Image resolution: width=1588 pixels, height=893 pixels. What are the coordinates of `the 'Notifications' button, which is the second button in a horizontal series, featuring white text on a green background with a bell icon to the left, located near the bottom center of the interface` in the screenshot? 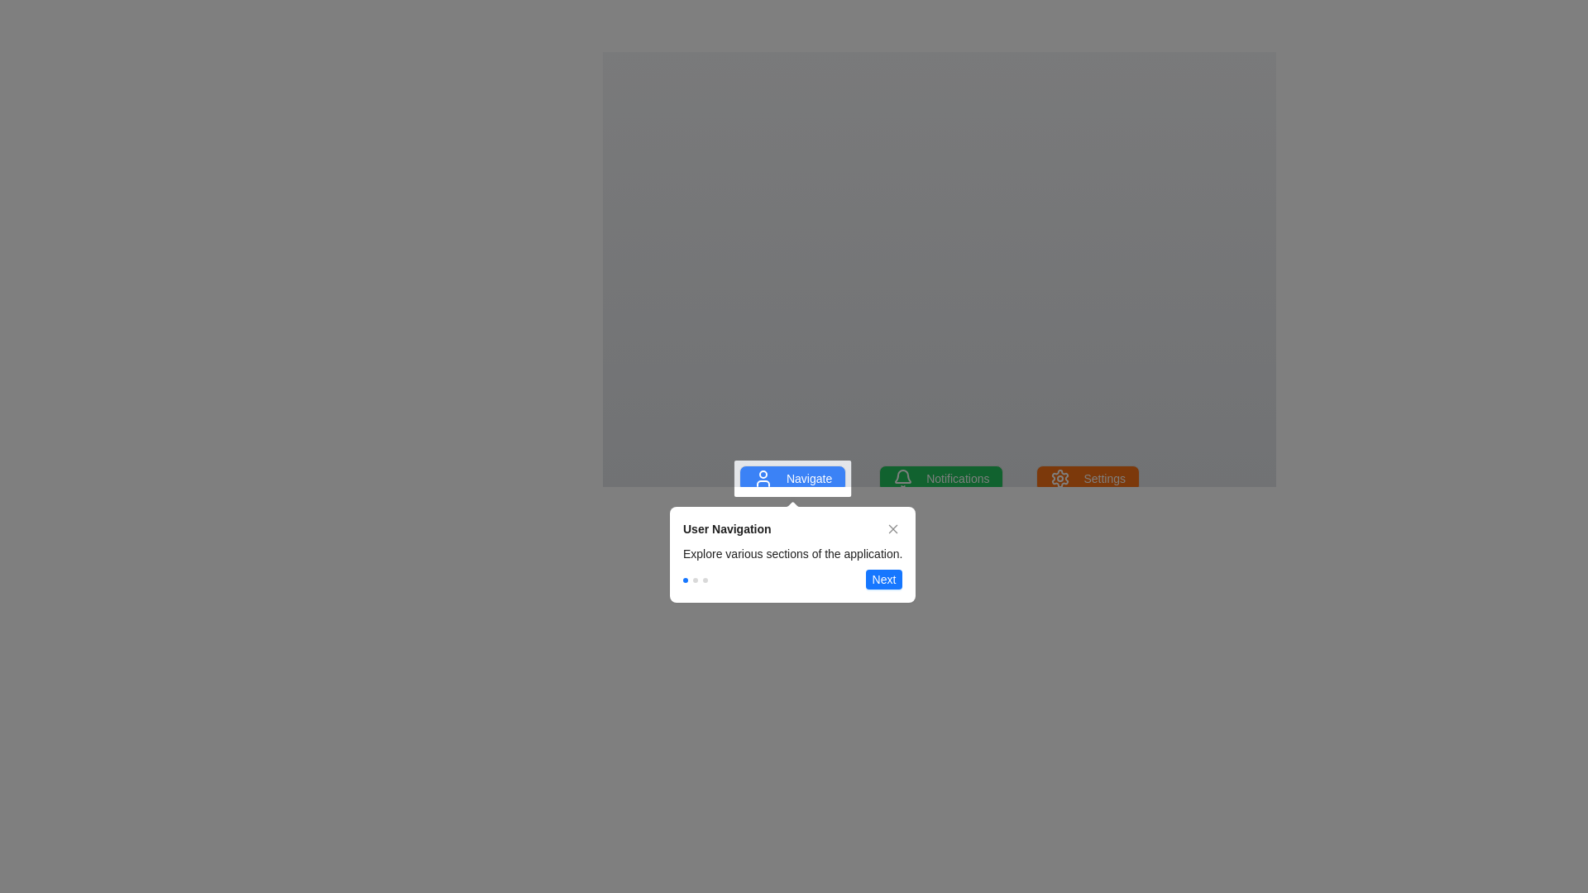 It's located at (958, 478).